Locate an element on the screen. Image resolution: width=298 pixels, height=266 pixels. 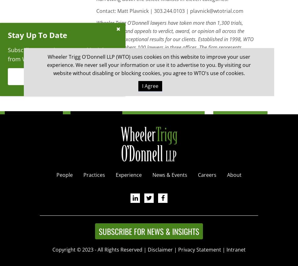
'About' is located at coordinates (234, 174).